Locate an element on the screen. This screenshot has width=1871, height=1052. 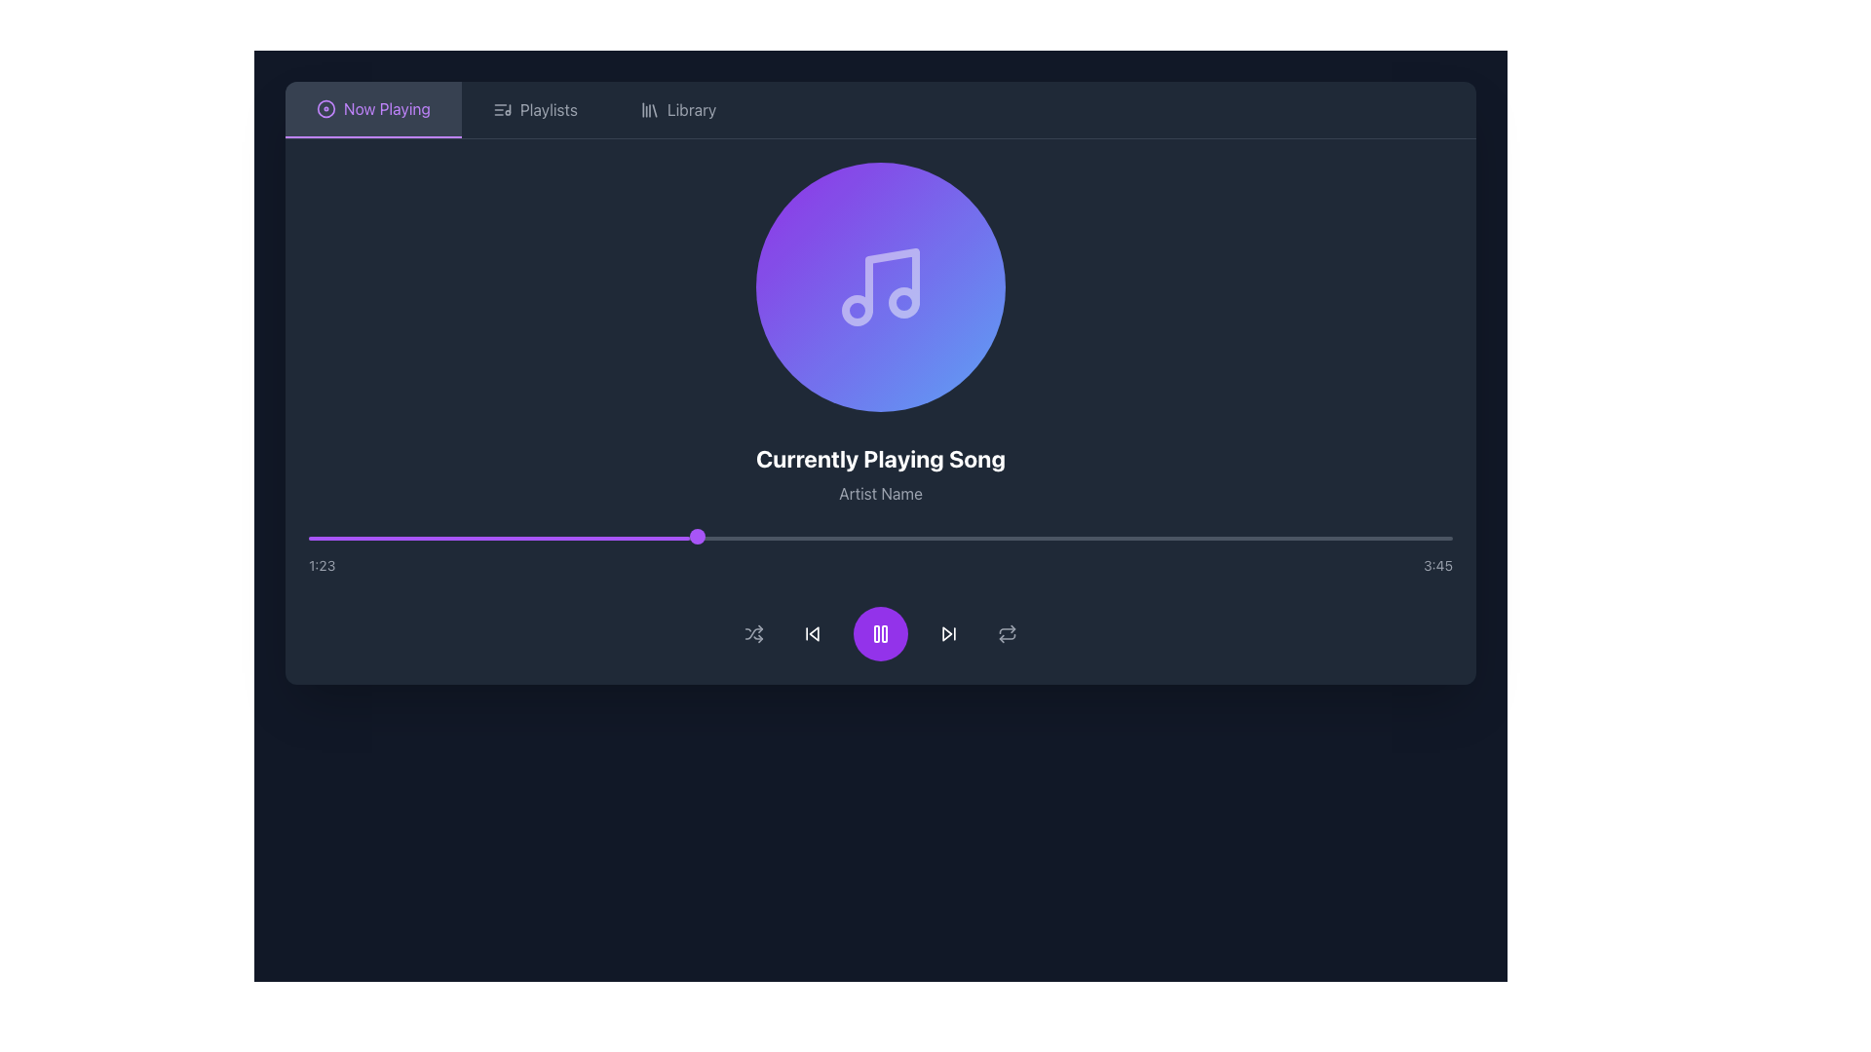
the repeat icon button, which is the rightmost icon in a horizontal row of controls at the bottom-center of the interface is located at coordinates (1007, 634).